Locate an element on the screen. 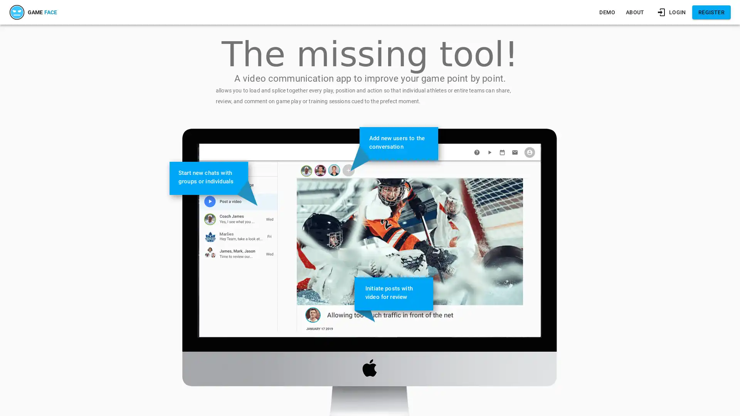 This screenshot has width=740, height=416. REGISTER is located at coordinates (711, 12).